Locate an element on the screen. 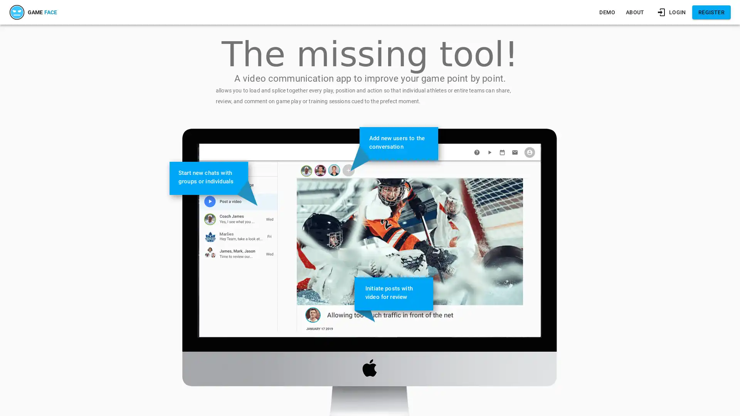 This screenshot has width=740, height=416. REGISTER is located at coordinates (711, 12).